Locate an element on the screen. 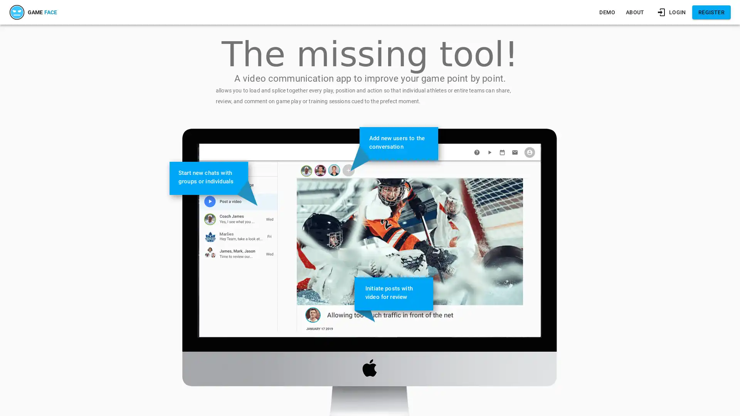 This screenshot has width=740, height=416. REGISTER is located at coordinates (711, 12).